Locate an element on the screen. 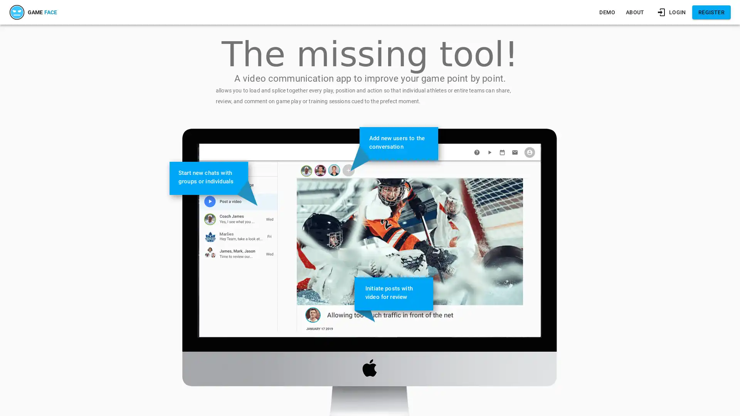 This screenshot has width=740, height=416. REGISTER is located at coordinates (711, 12).